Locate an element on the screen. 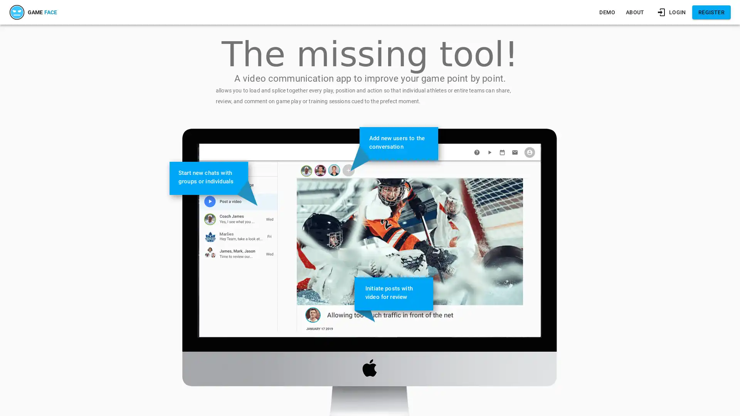 This screenshot has width=740, height=416. REGISTER is located at coordinates (711, 12).